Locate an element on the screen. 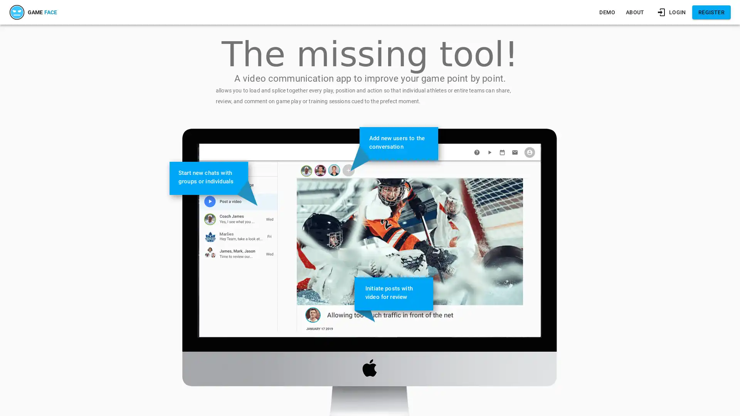 This screenshot has width=740, height=416. REGISTER is located at coordinates (711, 12).